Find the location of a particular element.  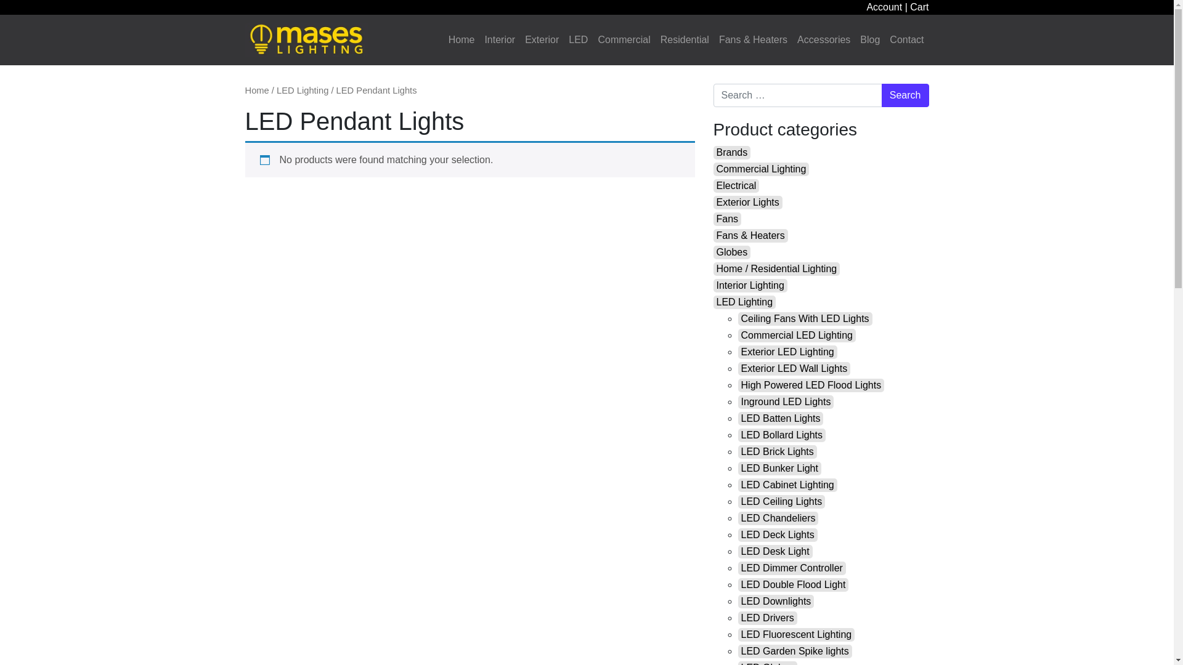

'Interior' is located at coordinates (500, 39).